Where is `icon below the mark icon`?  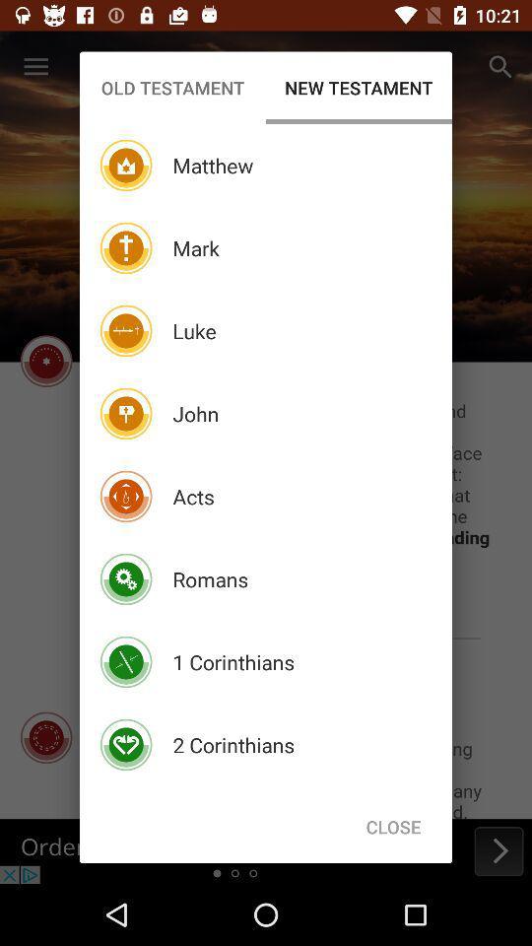
icon below the mark icon is located at coordinates (194, 331).